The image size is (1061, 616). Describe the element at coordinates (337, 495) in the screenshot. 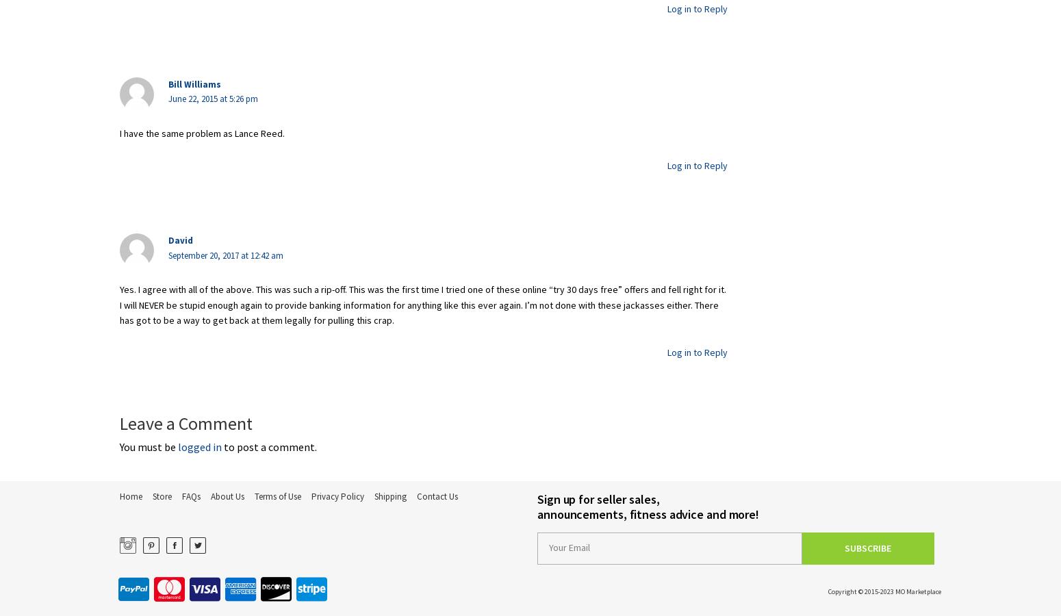

I see `'Privacy Policy'` at that location.